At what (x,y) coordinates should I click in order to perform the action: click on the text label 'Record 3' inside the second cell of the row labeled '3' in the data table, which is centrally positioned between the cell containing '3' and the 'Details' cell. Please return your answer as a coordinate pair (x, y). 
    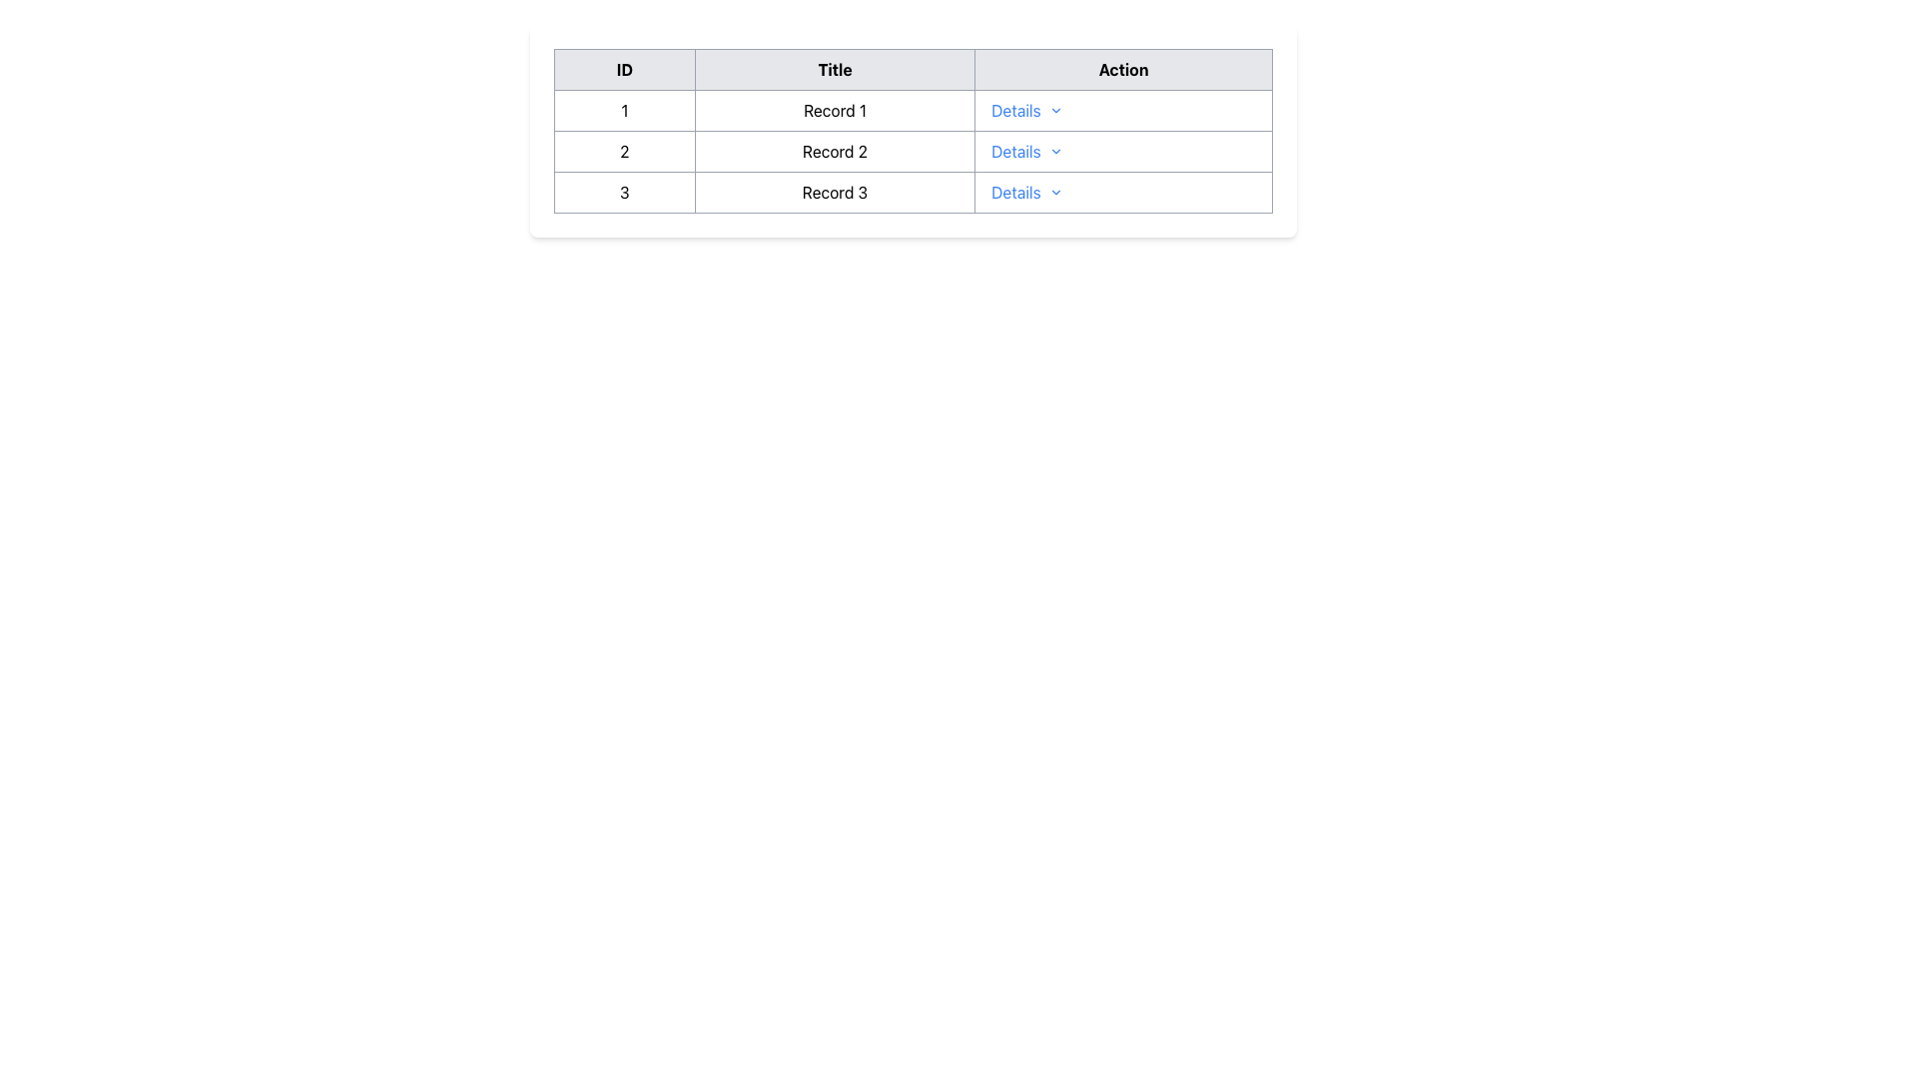
    Looking at the image, I should click on (835, 192).